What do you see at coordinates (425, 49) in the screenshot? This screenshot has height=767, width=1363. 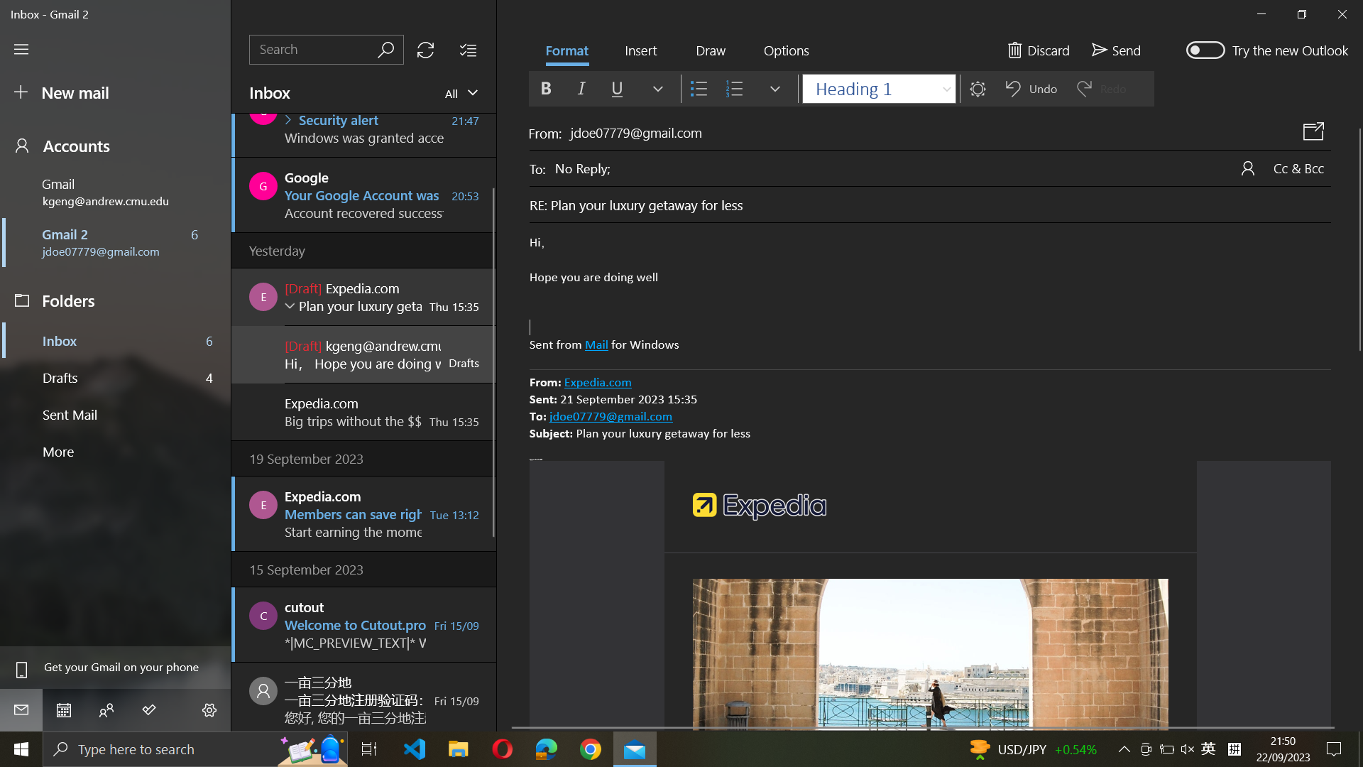 I see `Repopulate the inbox` at bounding box center [425, 49].